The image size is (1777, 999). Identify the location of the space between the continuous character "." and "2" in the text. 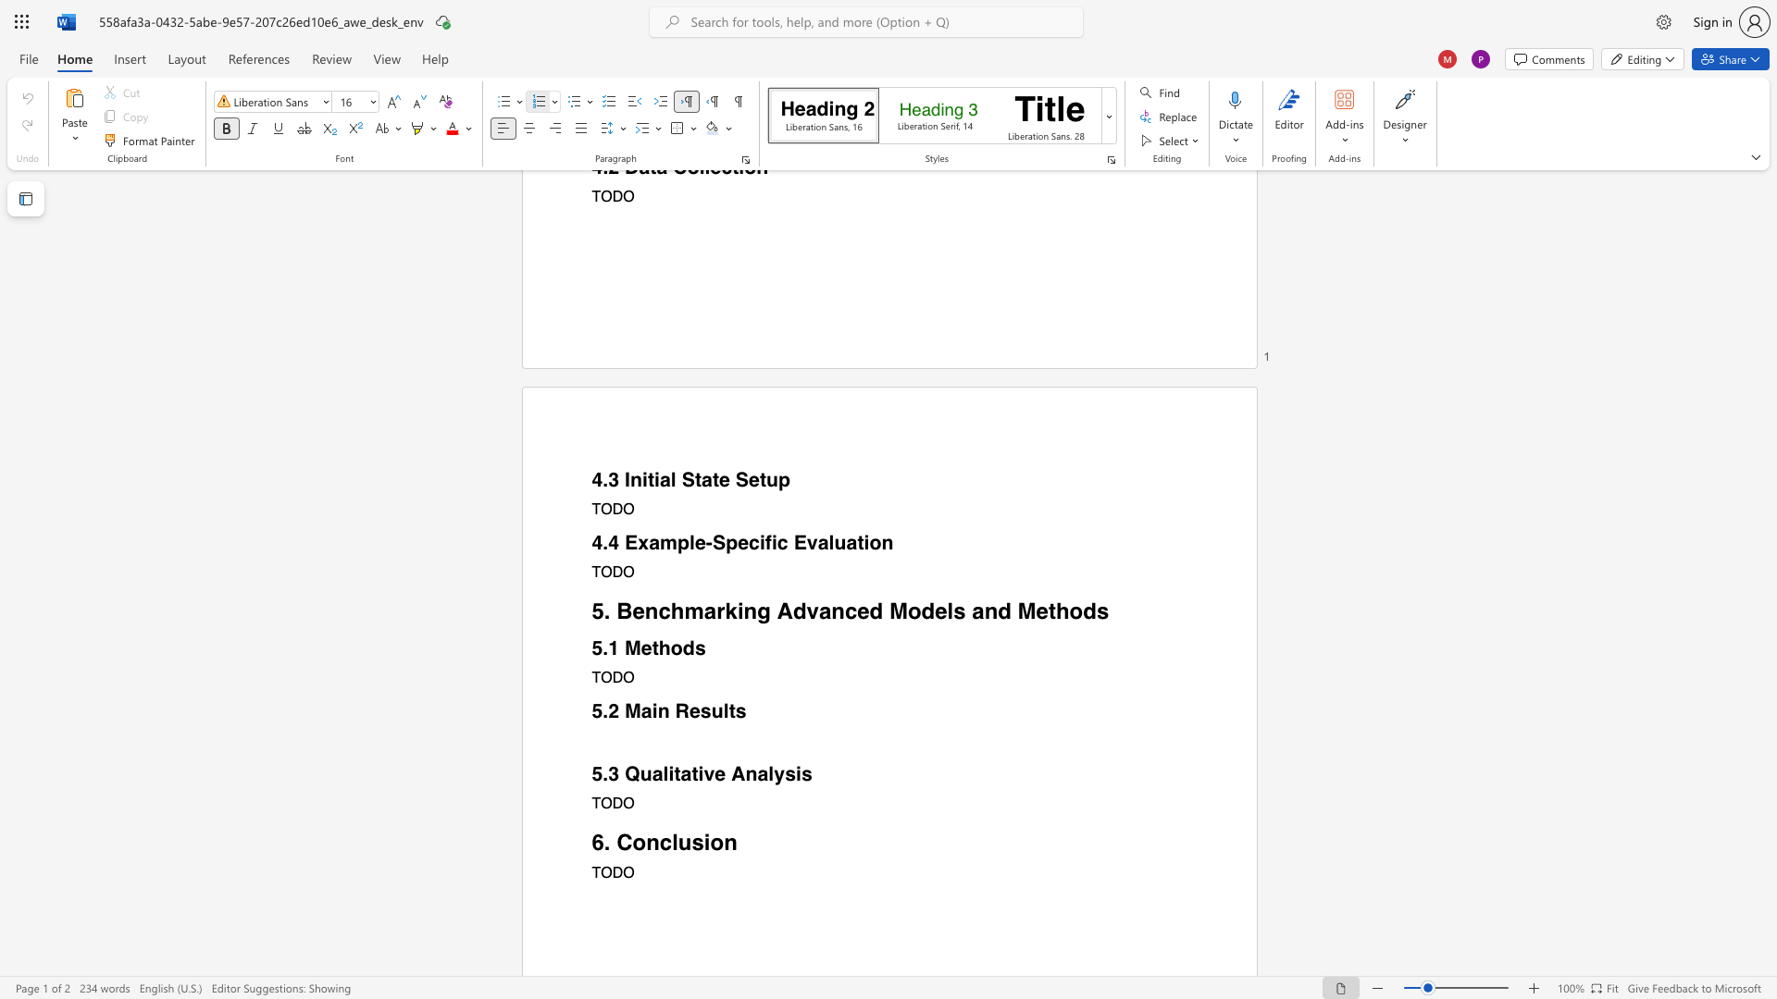
(609, 710).